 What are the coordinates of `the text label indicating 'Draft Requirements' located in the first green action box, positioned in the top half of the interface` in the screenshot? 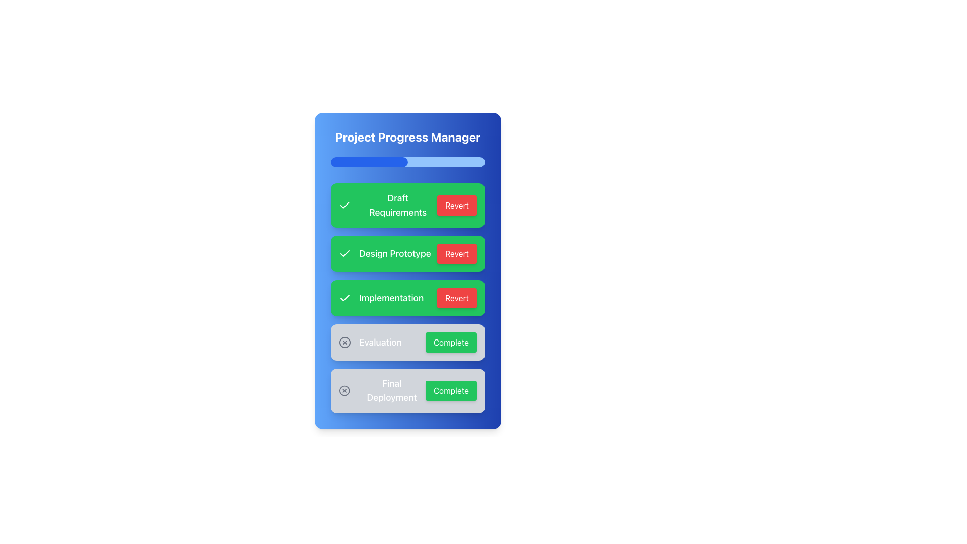 It's located at (397, 205).